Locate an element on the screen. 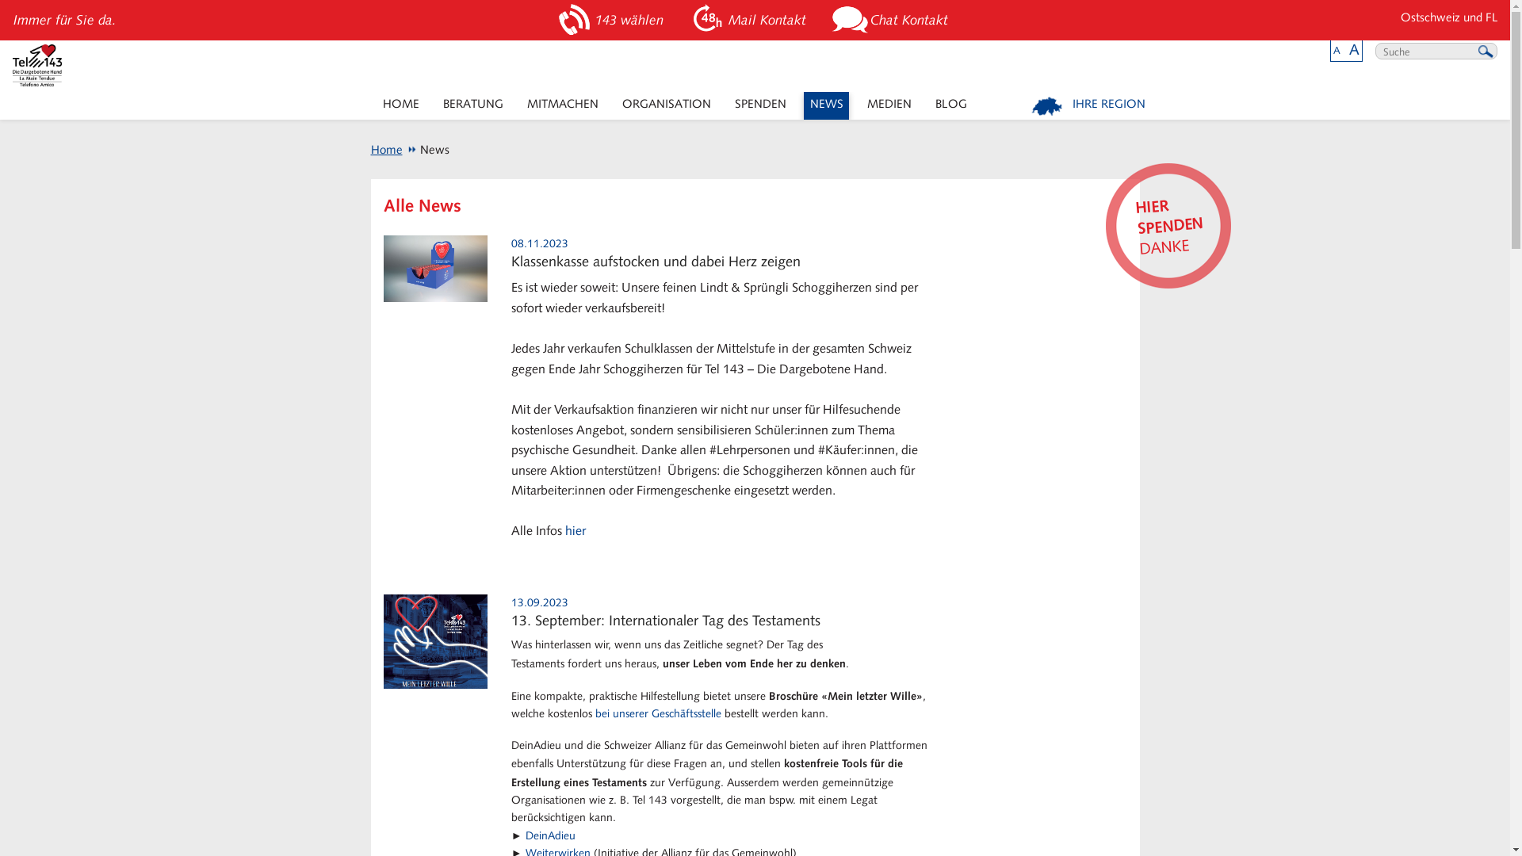  'BERATUNG' is located at coordinates (472, 105).